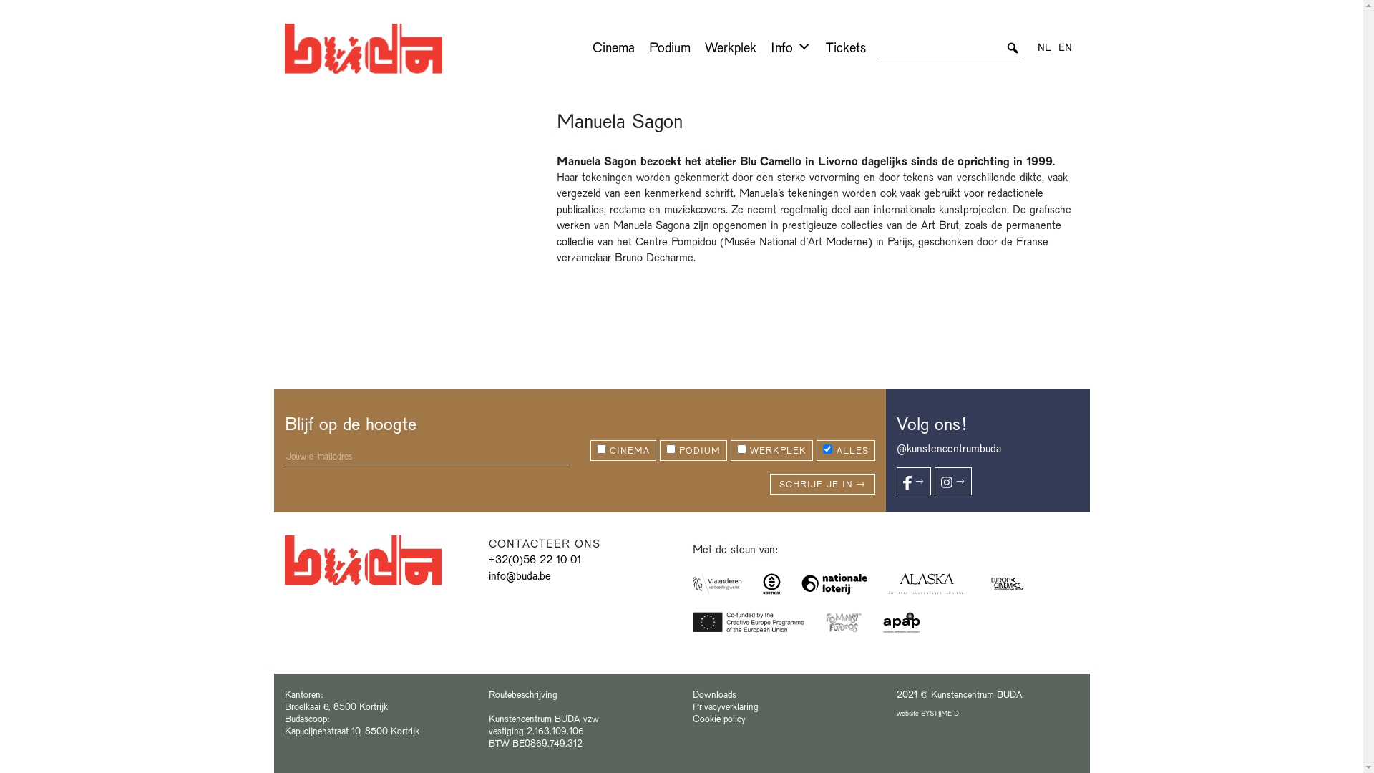  I want to click on 'info@buda.be', so click(518, 574).